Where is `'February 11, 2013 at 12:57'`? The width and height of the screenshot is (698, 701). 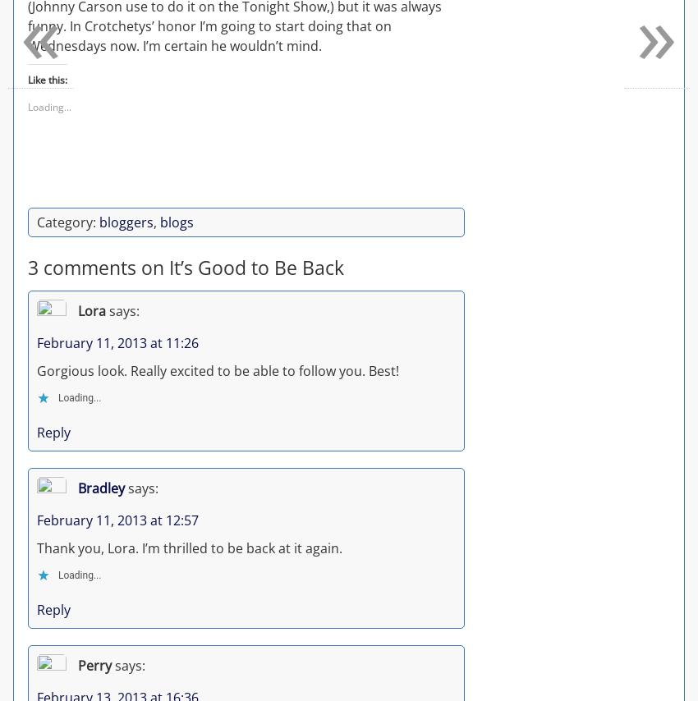
'February 11, 2013 at 12:57' is located at coordinates (117, 518).